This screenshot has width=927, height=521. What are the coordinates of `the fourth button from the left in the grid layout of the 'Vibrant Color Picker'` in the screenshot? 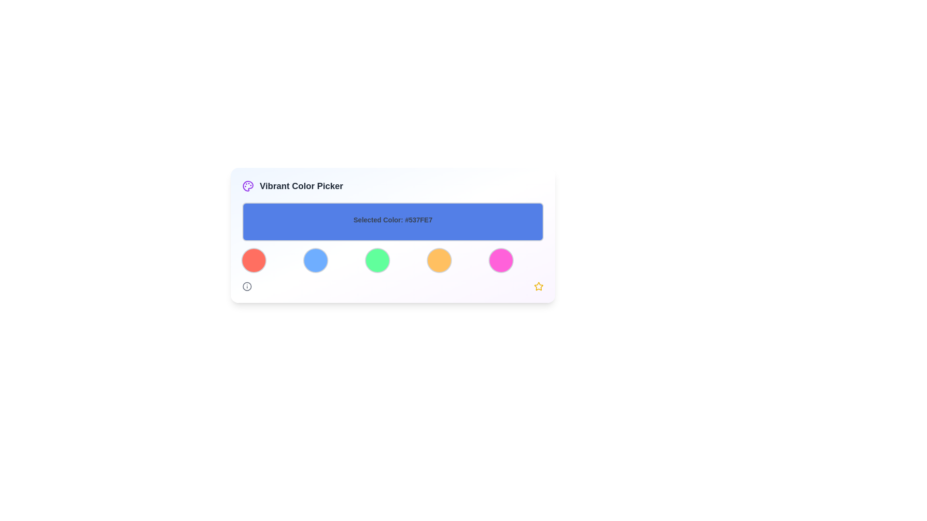 It's located at (439, 260).